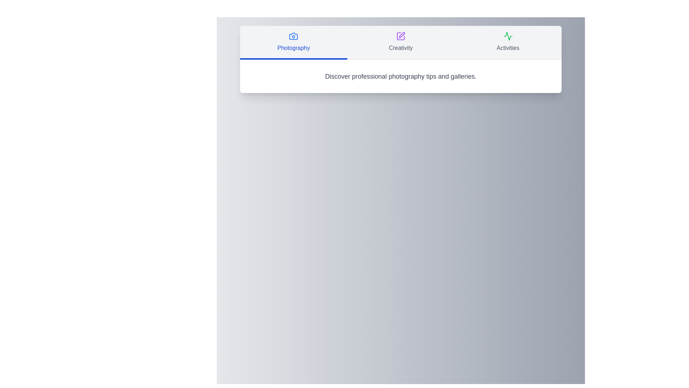 The height and width of the screenshot is (388, 689). I want to click on the tab labeled Photography, so click(293, 43).